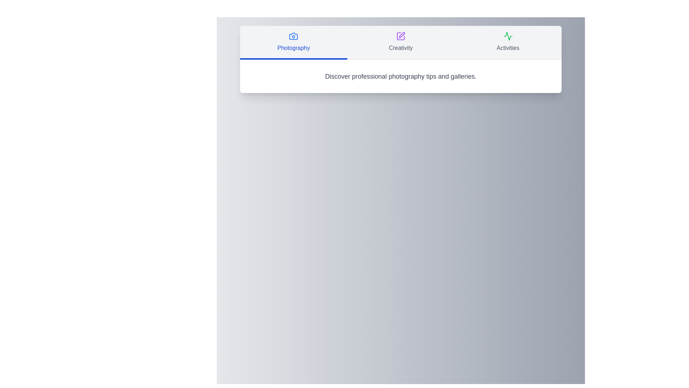 The height and width of the screenshot is (388, 689). I want to click on the tab labeled Photography, so click(293, 43).